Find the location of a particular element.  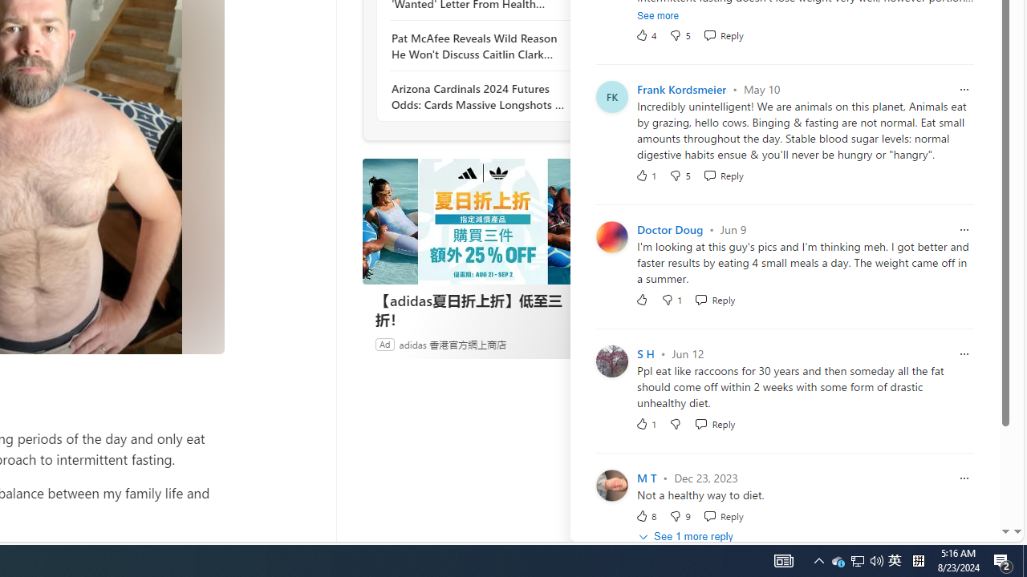

'Doctor Doug' is located at coordinates (670, 229).